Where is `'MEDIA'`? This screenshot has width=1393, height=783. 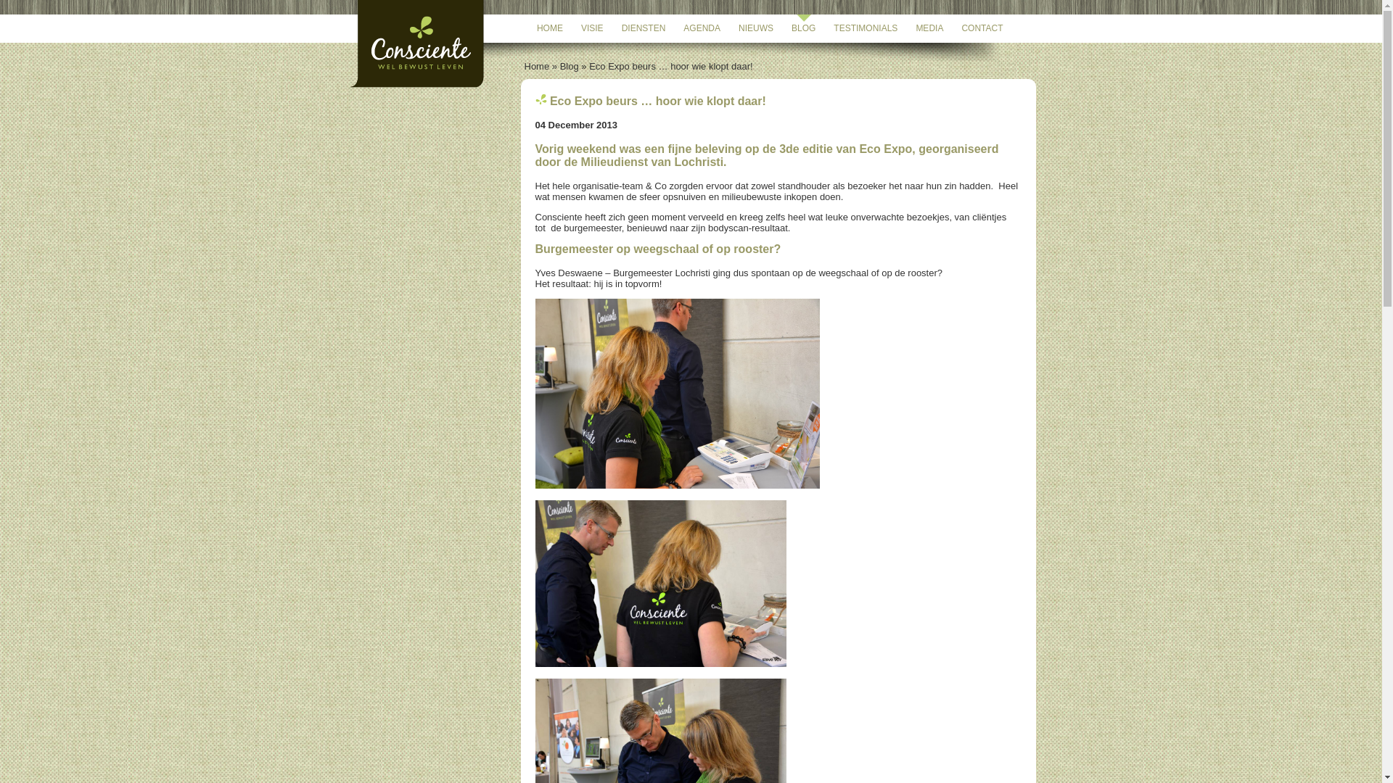
'MEDIA' is located at coordinates (915, 28).